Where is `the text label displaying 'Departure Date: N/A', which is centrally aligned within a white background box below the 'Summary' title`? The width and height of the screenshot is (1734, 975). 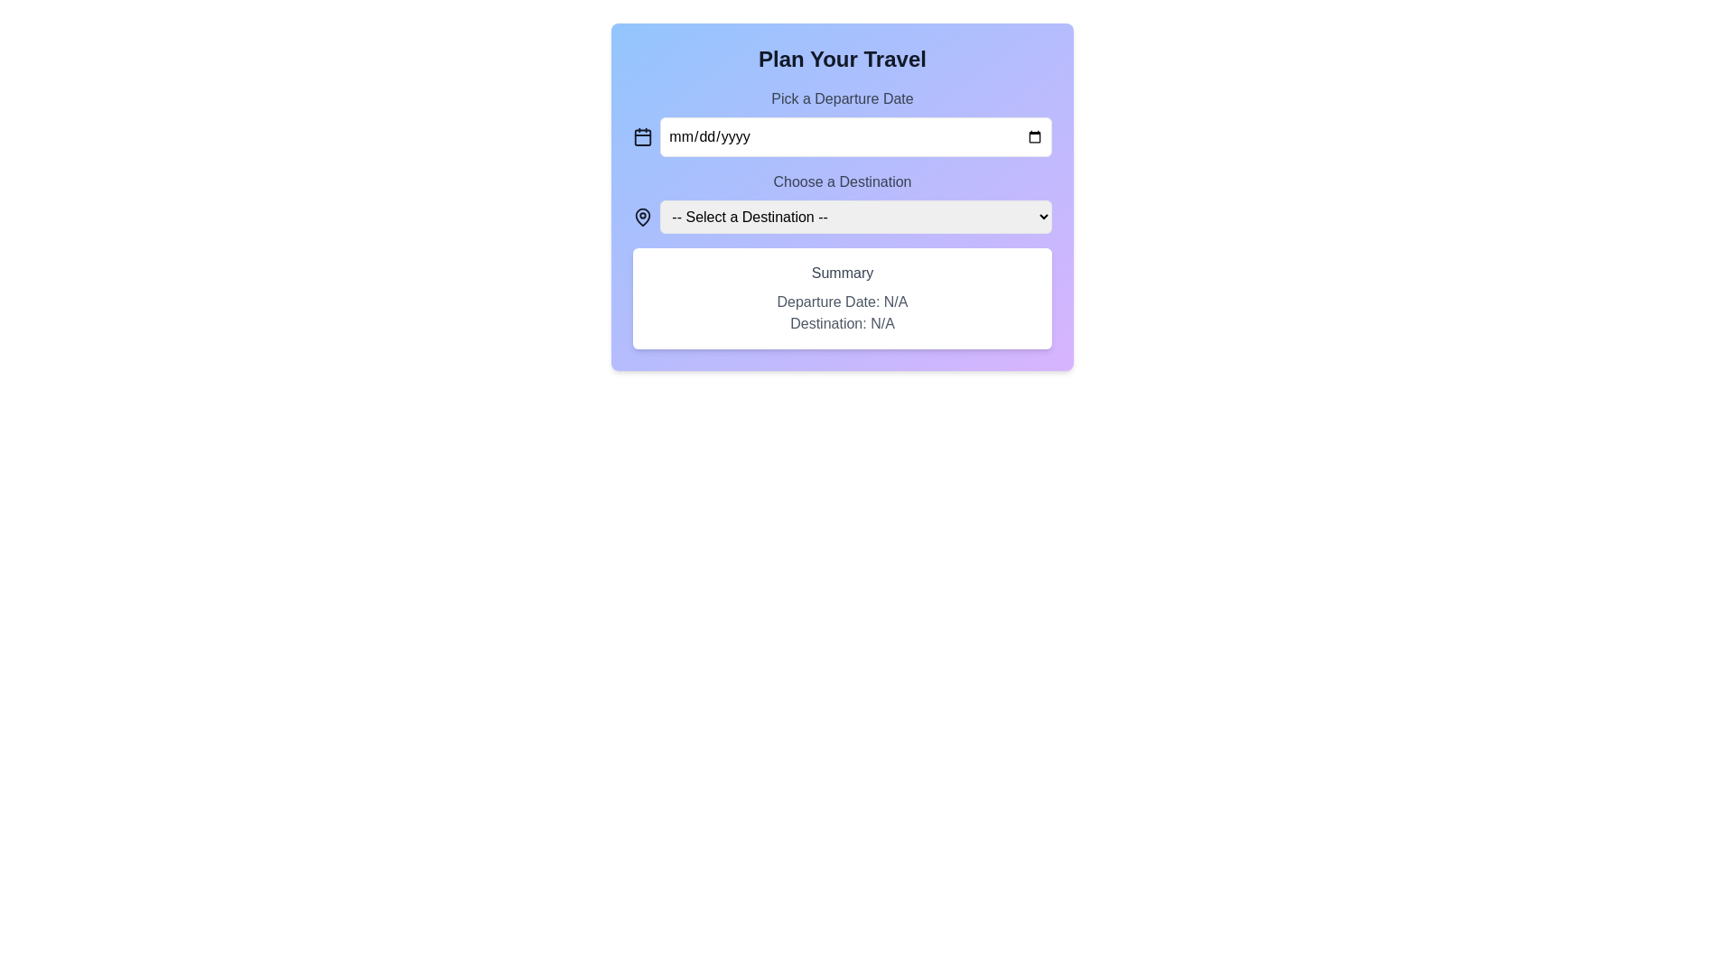
the text label displaying 'Departure Date: N/A', which is centrally aligned within a white background box below the 'Summary' title is located at coordinates (841, 302).